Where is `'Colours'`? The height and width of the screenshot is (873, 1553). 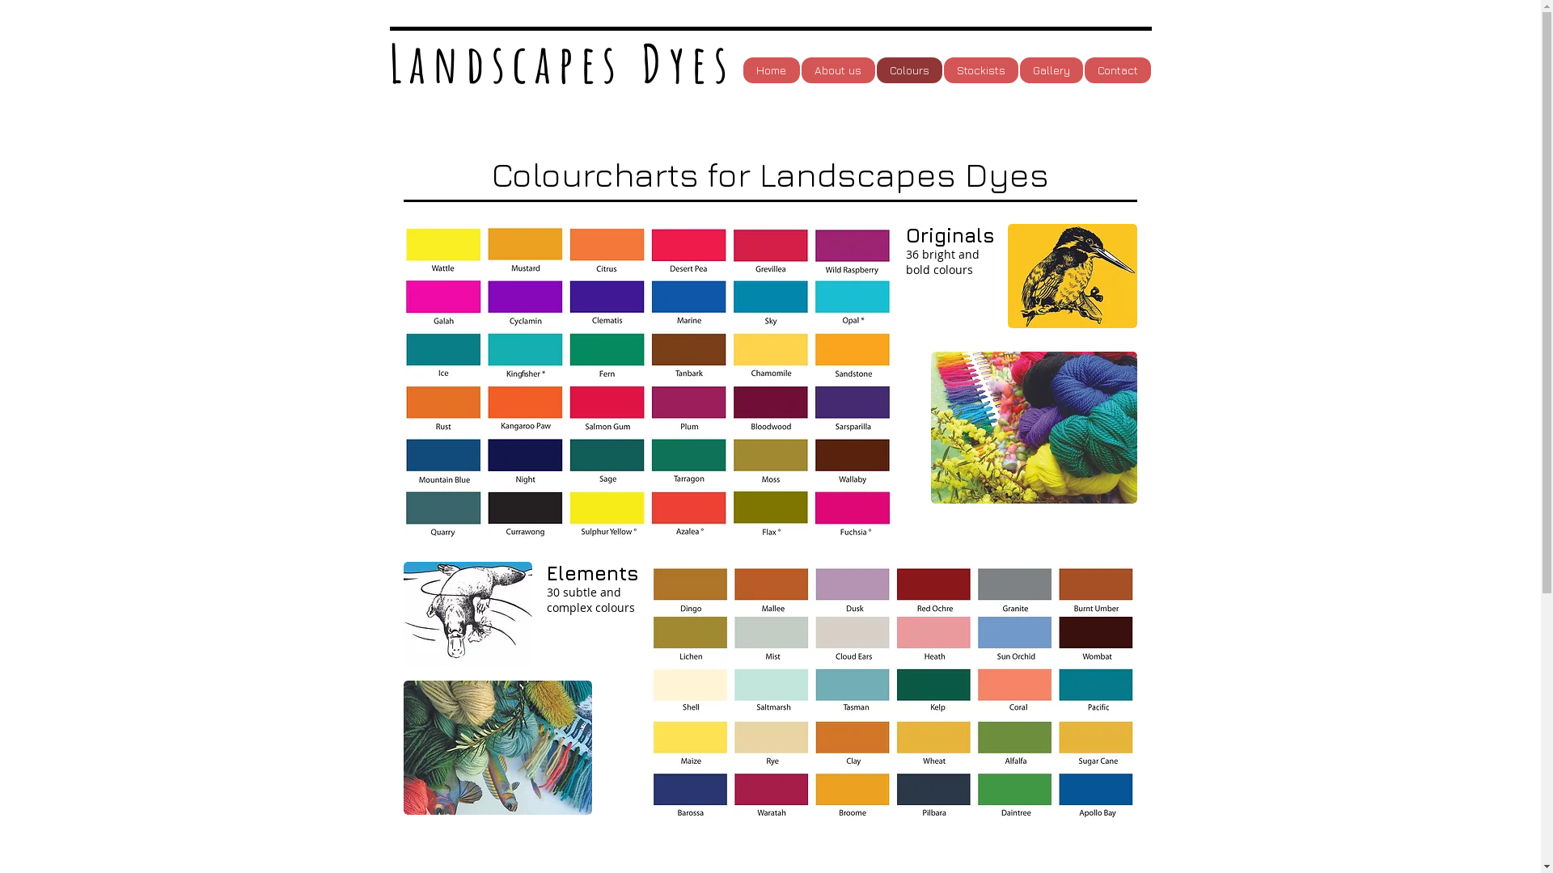
'Colours' is located at coordinates (909, 70).